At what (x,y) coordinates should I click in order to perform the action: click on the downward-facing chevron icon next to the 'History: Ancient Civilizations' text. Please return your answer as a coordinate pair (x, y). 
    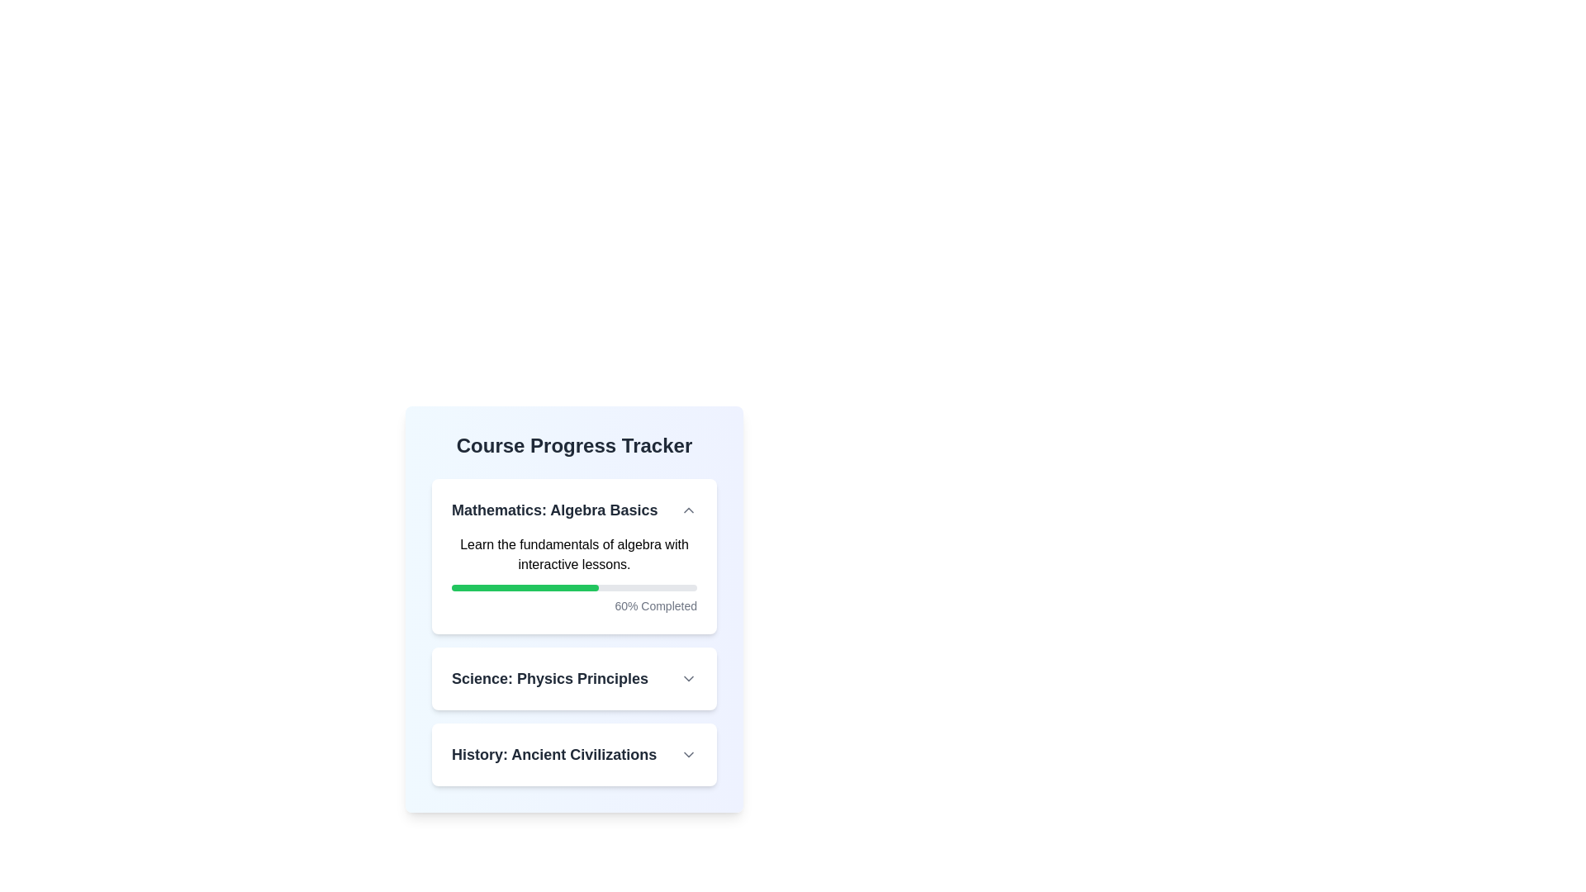
    Looking at the image, I should click on (689, 755).